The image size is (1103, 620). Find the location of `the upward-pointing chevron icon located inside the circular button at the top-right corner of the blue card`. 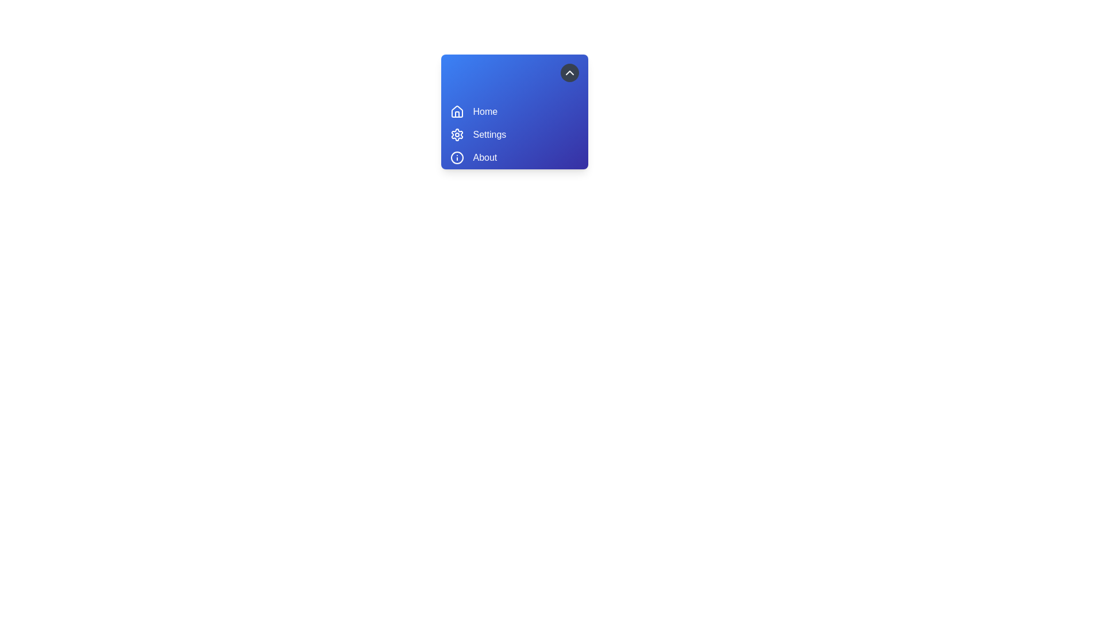

the upward-pointing chevron icon located inside the circular button at the top-right corner of the blue card is located at coordinates (569, 73).